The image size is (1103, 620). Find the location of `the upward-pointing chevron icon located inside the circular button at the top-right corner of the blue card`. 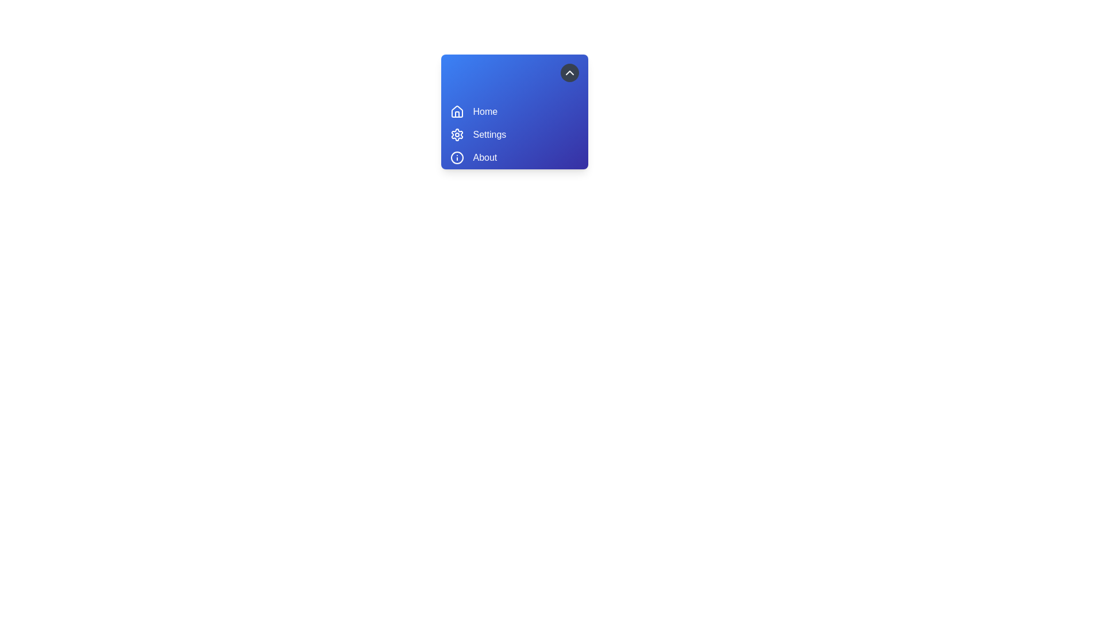

the upward-pointing chevron icon located inside the circular button at the top-right corner of the blue card is located at coordinates (569, 73).